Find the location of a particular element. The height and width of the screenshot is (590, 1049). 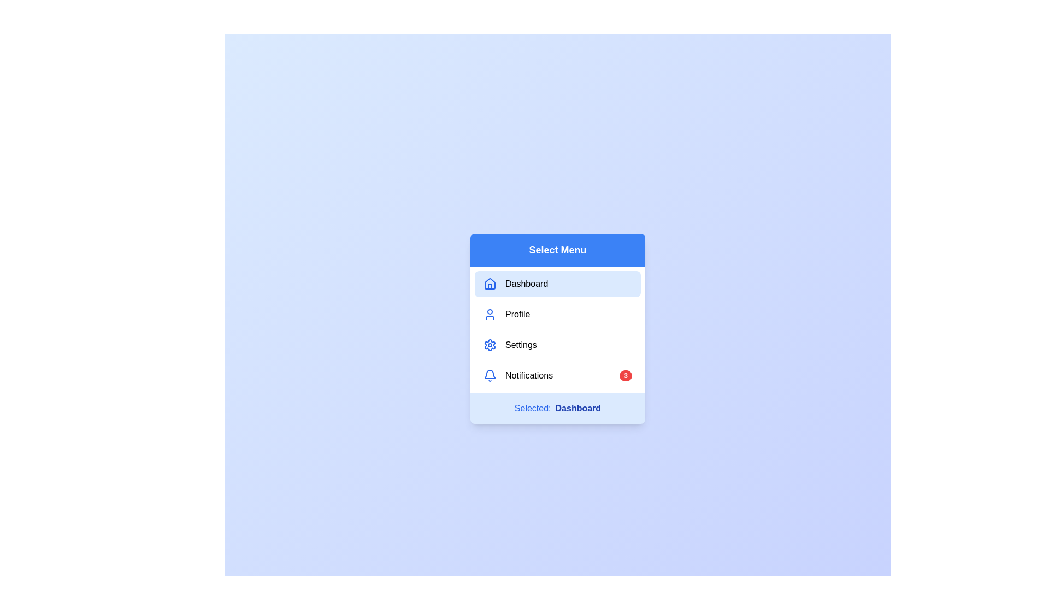

the menu item Dashboard to see its hover effect is located at coordinates (558, 284).